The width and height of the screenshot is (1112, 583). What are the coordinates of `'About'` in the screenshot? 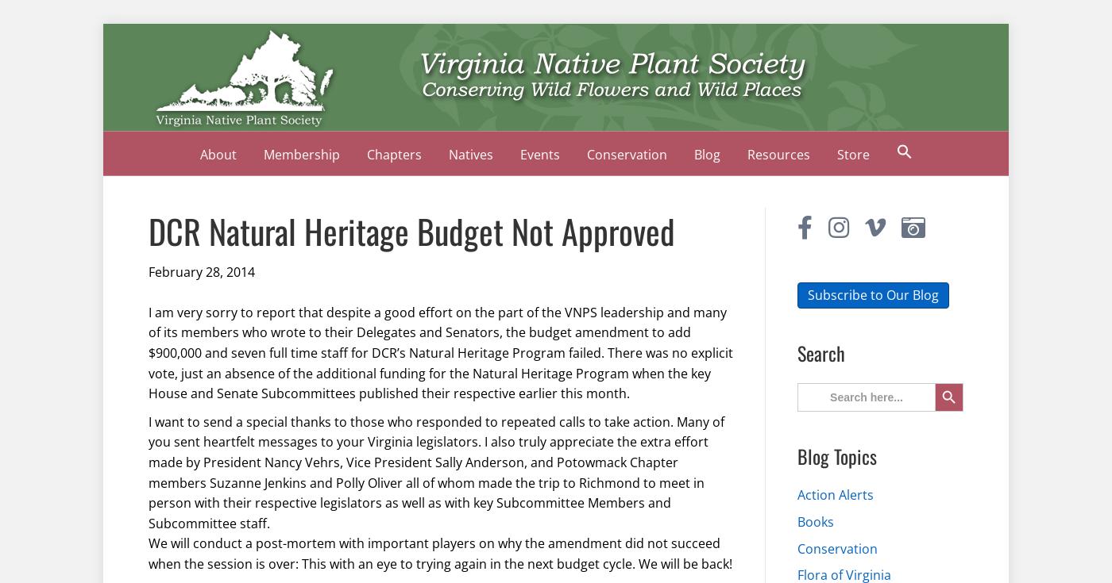 It's located at (217, 154).